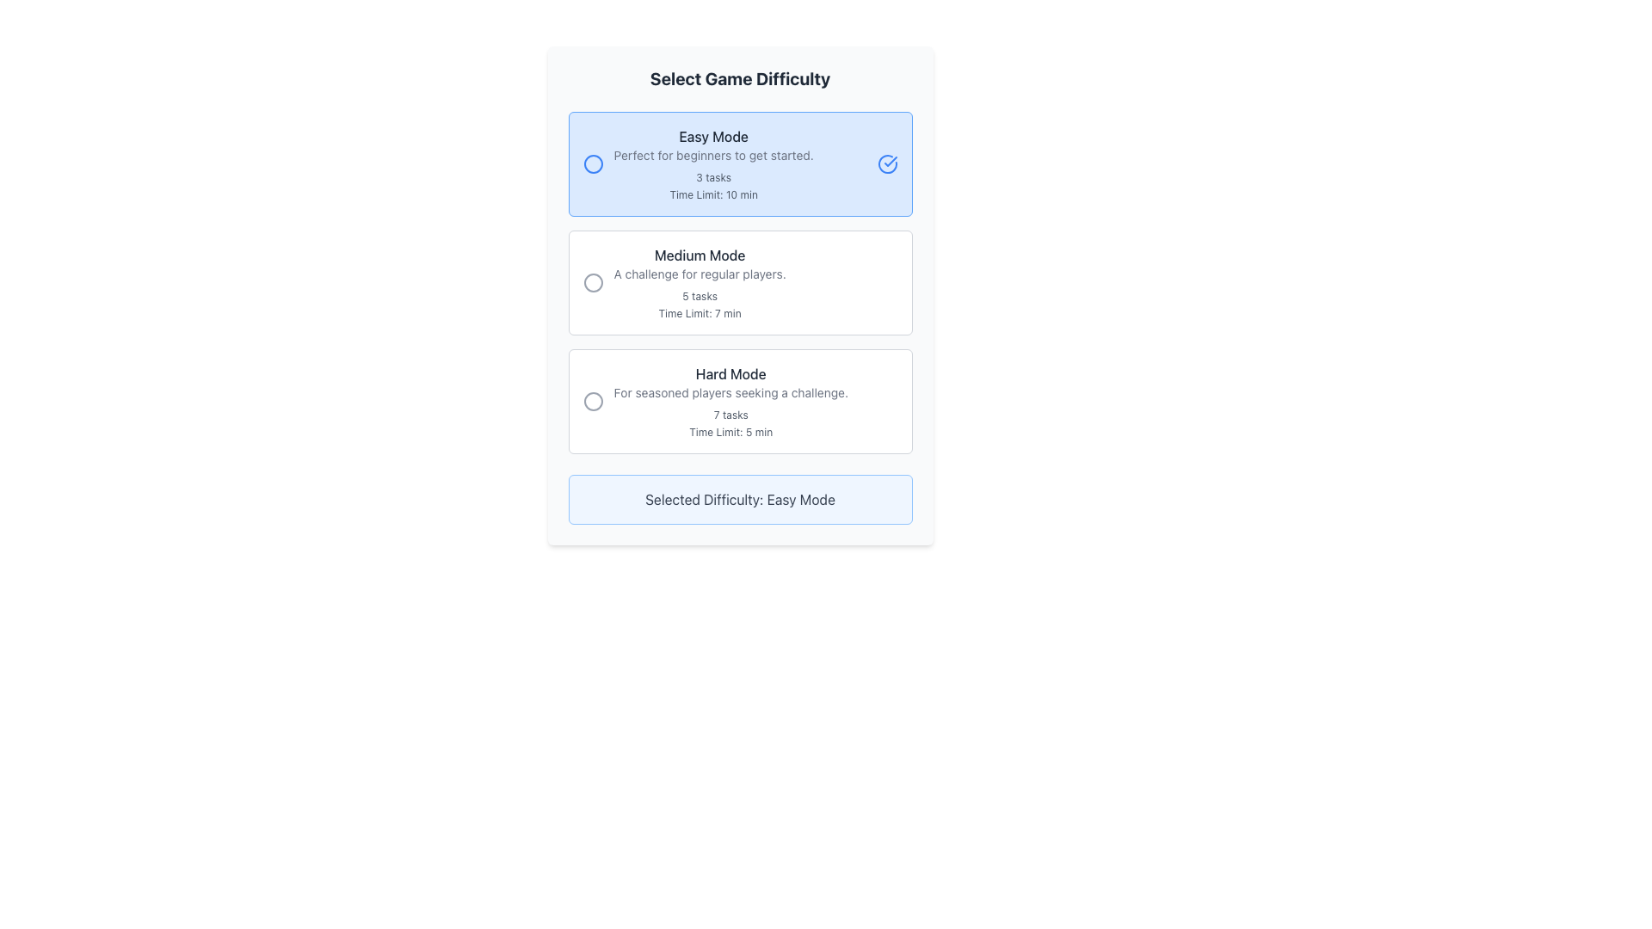 The width and height of the screenshot is (1652, 929). Describe the element at coordinates (593, 281) in the screenshot. I see `the radio button for medium mode difficulty, which is located in the middle of the three difficulty options, adjacent to the description text` at that location.